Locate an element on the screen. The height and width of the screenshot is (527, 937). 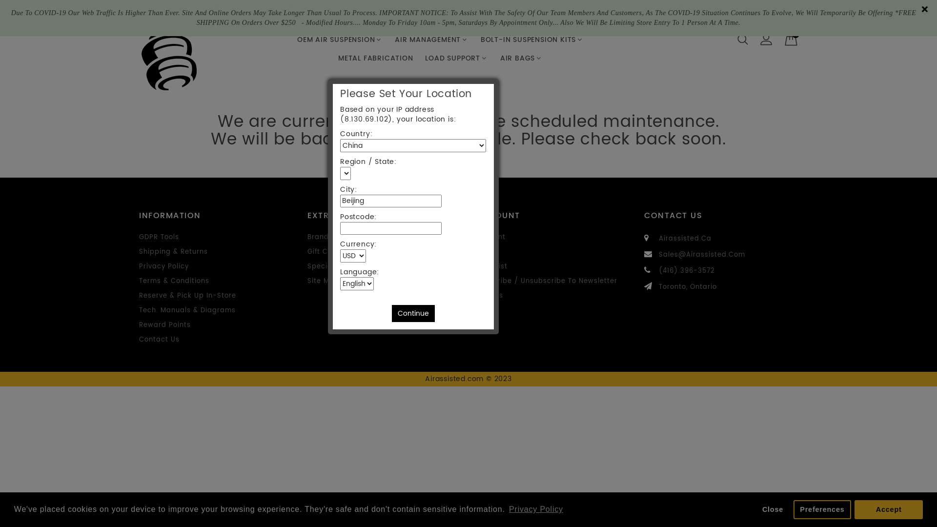
'Close' is located at coordinates (755, 509).